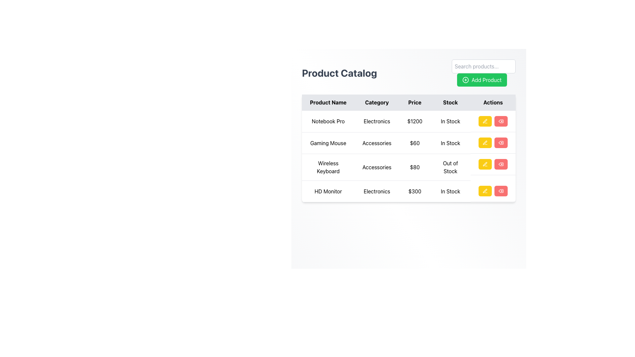 The width and height of the screenshot is (635, 357). What do you see at coordinates (414, 121) in the screenshot?
I see `the price label for the 'Notebook Pro' in the 'Electronics' category, located in the third column of the first row of the product information table` at bounding box center [414, 121].